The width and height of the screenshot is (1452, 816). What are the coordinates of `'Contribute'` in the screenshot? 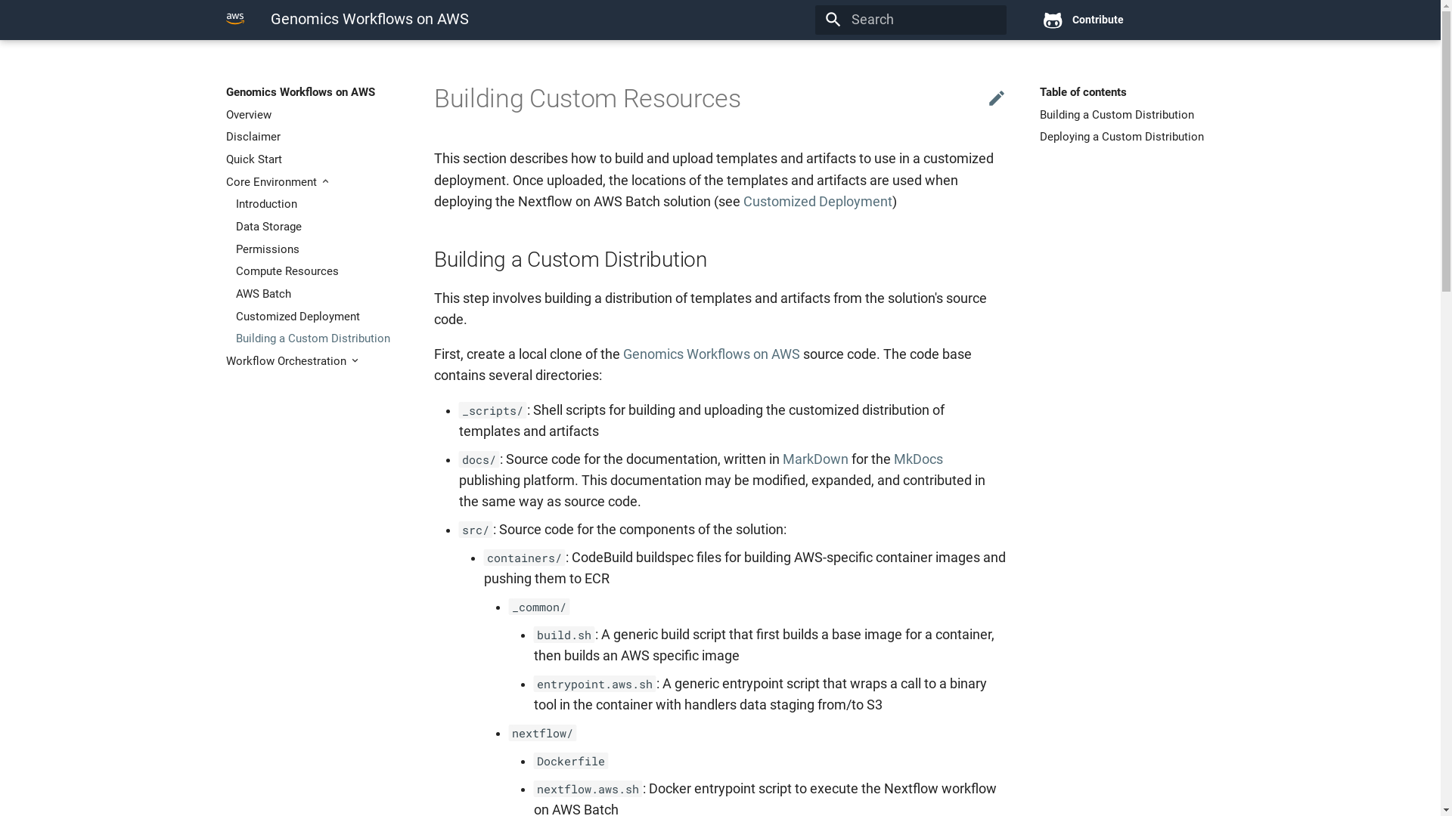 It's located at (1032, 20).